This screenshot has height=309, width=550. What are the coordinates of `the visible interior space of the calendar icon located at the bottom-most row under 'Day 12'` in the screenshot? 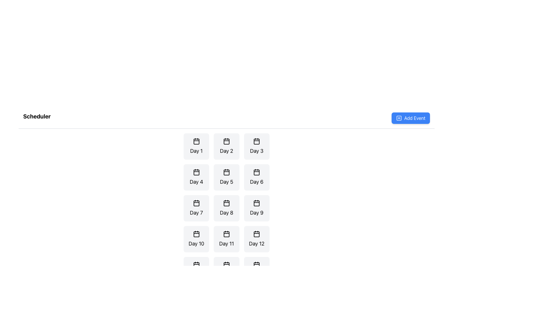 It's located at (226, 265).